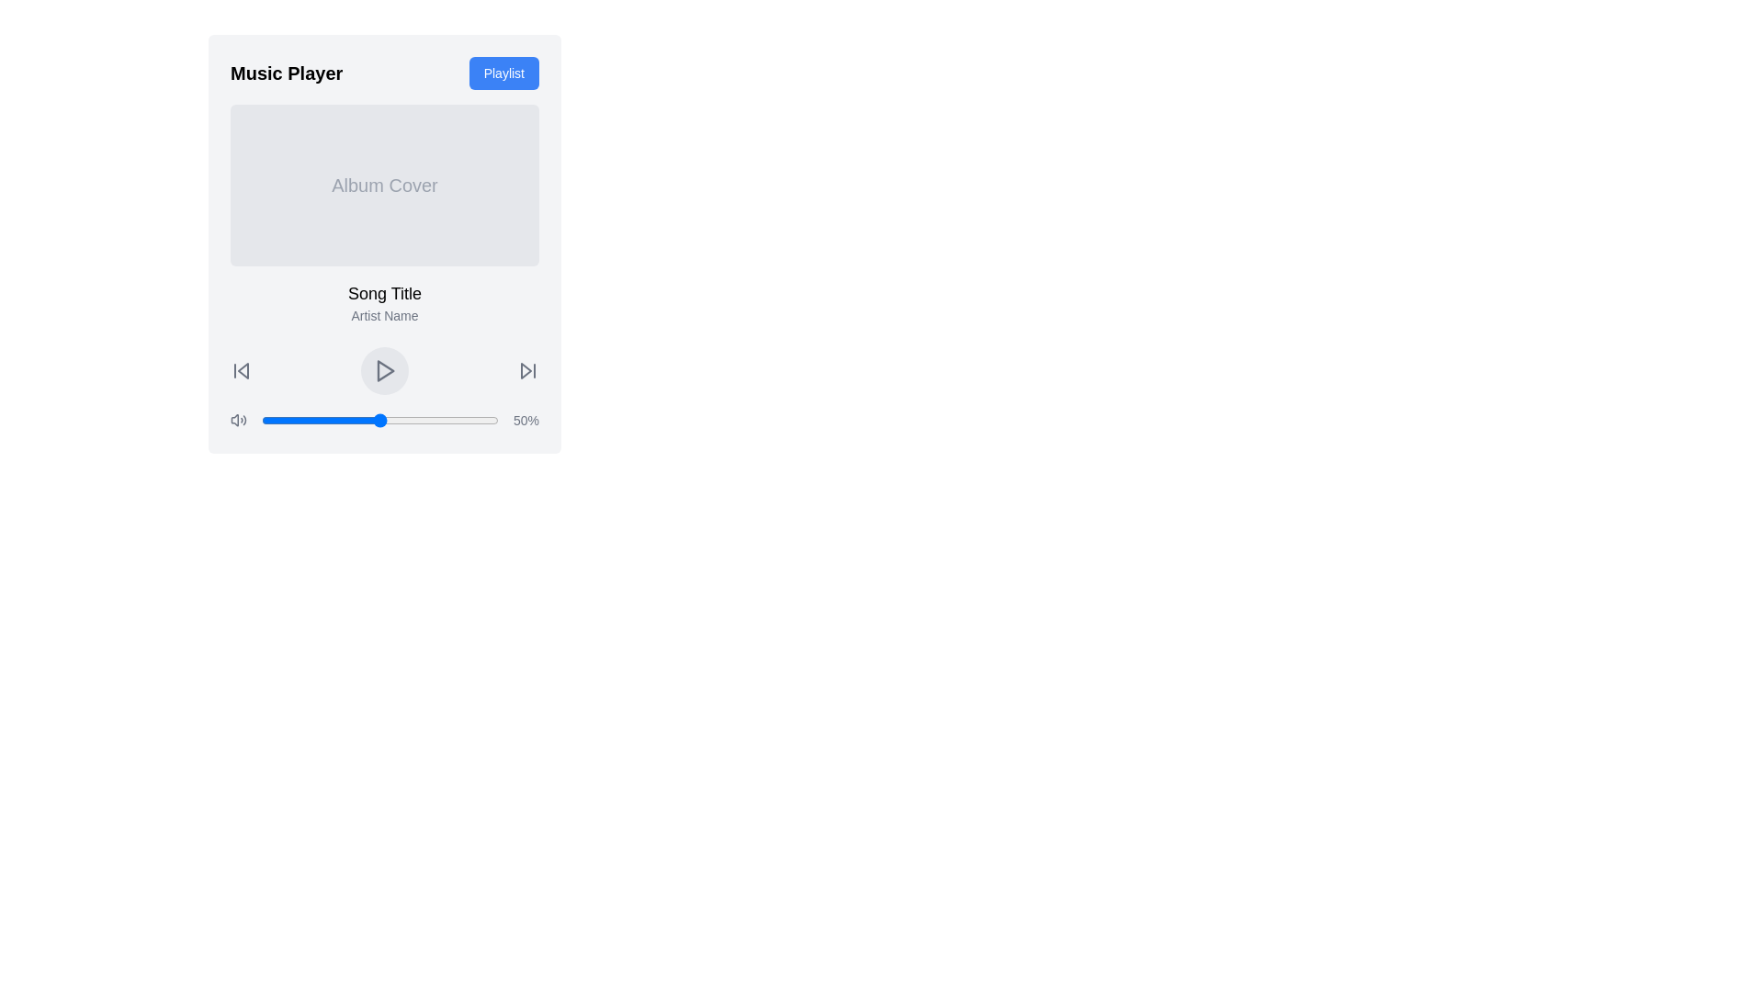 This screenshot has height=992, width=1764. Describe the element at coordinates (383, 293) in the screenshot. I see `the Text Label displaying the title of the current song in the media player, which is centered at the top of the interface` at that location.